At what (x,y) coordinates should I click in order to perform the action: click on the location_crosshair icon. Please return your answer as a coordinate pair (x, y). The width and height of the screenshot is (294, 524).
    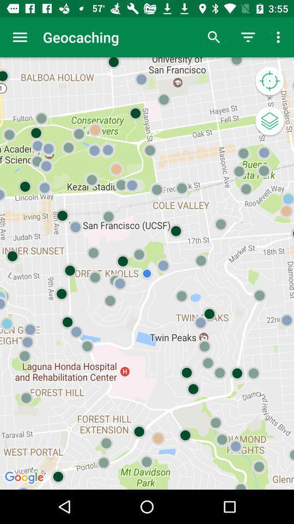
    Looking at the image, I should click on (269, 81).